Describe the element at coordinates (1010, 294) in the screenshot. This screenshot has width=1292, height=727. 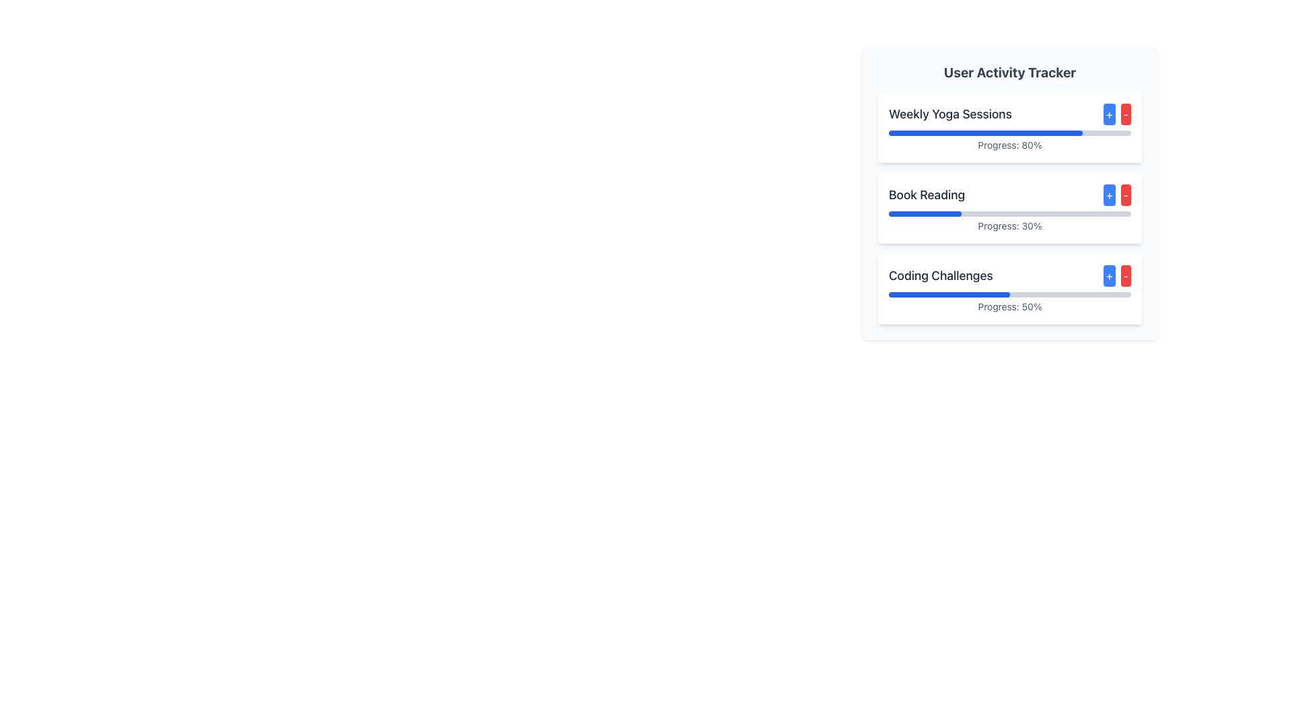
I see `the horizontal progress bar representing 50% progress located beneath the 'Coding Challenges' text and above the 'Progress: 50%' text in the 'User Activity Tracker' section` at that location.